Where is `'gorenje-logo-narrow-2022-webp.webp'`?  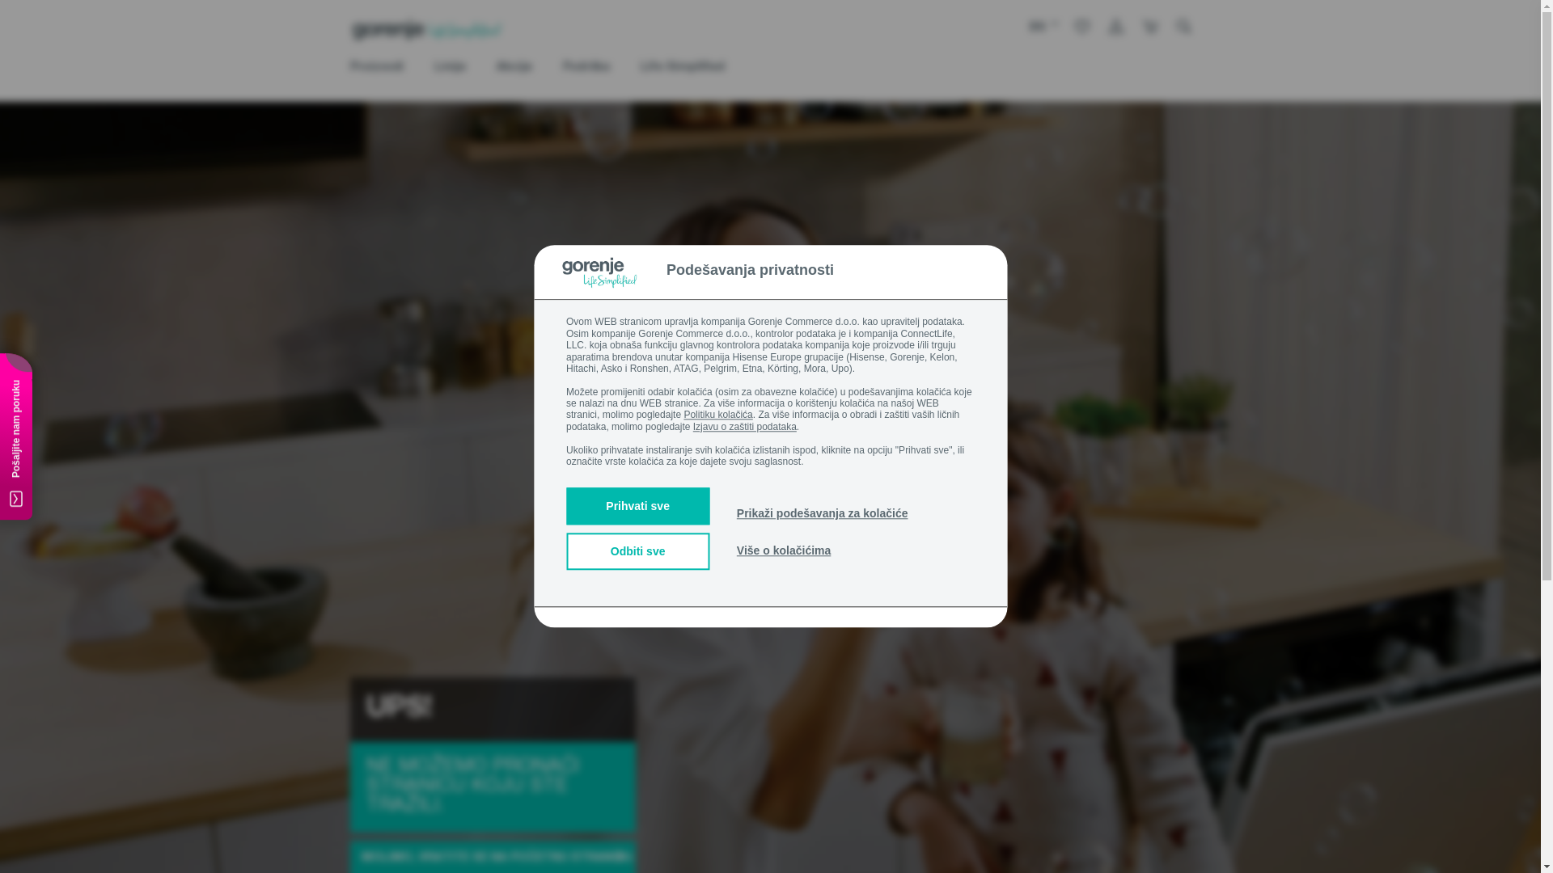
'gorenje-logo-narrow-2022-webp.webp' is located at coordinates (426, 30).